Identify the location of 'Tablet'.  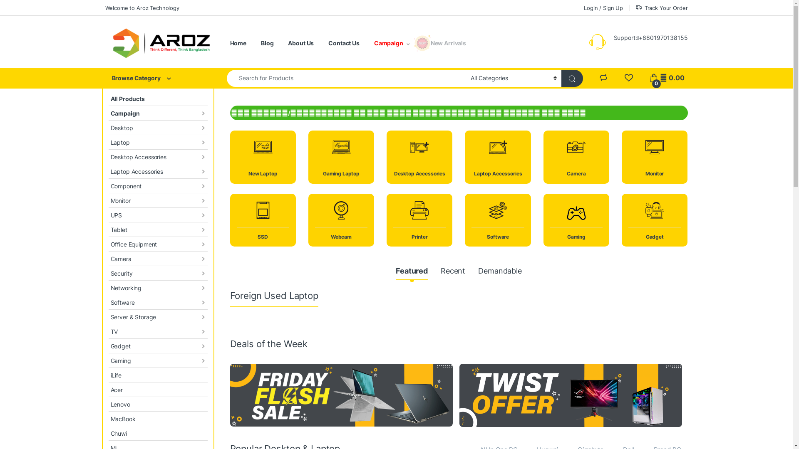
(158, 229).